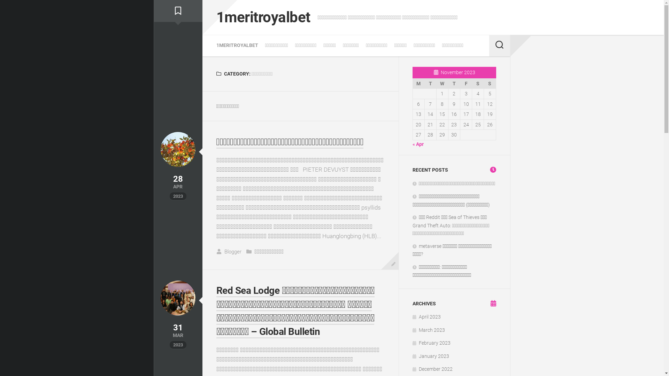 This screenshot has width=669, height=376. I want to click on 'December 2022', so click(432, 369).